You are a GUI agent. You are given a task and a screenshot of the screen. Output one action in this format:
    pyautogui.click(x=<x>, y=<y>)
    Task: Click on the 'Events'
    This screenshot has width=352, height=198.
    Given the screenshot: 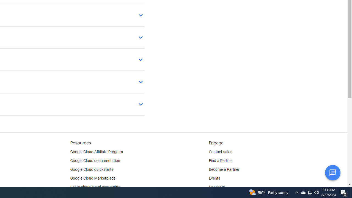 What is the action you would take?
    pyautogui.click(x=214, y=178)
    